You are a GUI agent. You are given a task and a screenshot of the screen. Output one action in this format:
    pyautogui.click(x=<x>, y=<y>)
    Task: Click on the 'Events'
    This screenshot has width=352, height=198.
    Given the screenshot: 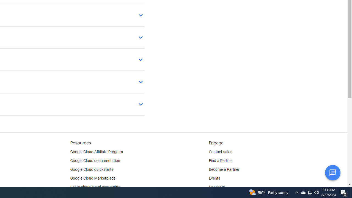 What is the action you would take?
    pyautogui.click(x=214, y=178)
    